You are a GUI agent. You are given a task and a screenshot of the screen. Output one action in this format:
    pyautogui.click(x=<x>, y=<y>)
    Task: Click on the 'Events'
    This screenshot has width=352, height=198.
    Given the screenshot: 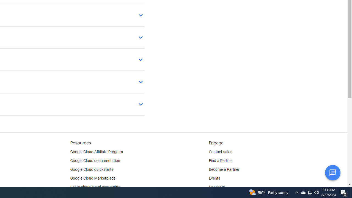 What is the action you would take?
    pyautogui.click(x=214, y=178)
    